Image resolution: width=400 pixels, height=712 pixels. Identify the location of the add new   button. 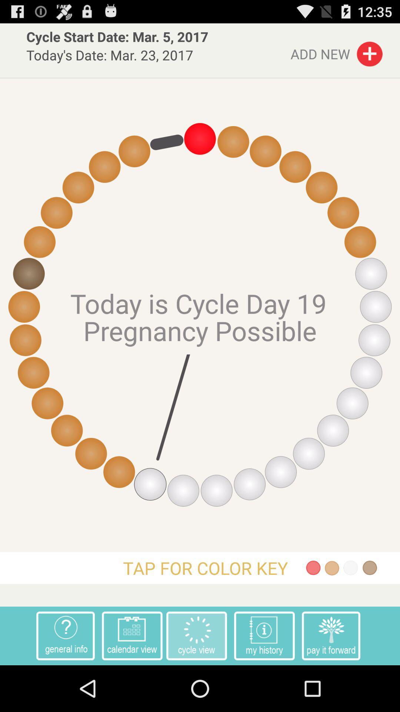
(336, 52).